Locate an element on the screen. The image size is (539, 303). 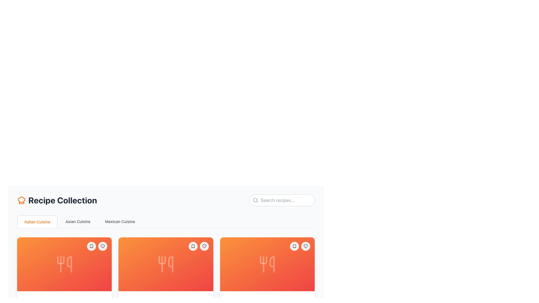
the heart-shaped icon in the header area of the recipe card to favorite the associated recipe is located at coordinates (305, 246).